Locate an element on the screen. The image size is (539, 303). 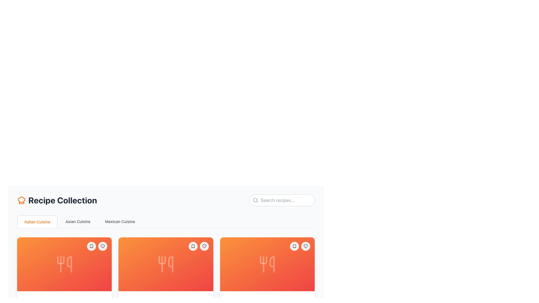
the heart-shaped icon in the header area of the recipe card to favorite the associated recipe is located at coordinates (305, 246).